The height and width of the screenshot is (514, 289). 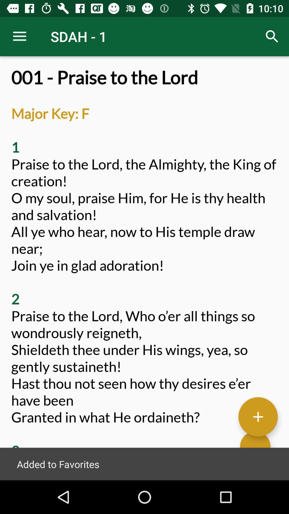 What do you see at coordinates (272, 36) in the screenshot?
I see `the item at the top right corner` at bounding box center [272, 36].